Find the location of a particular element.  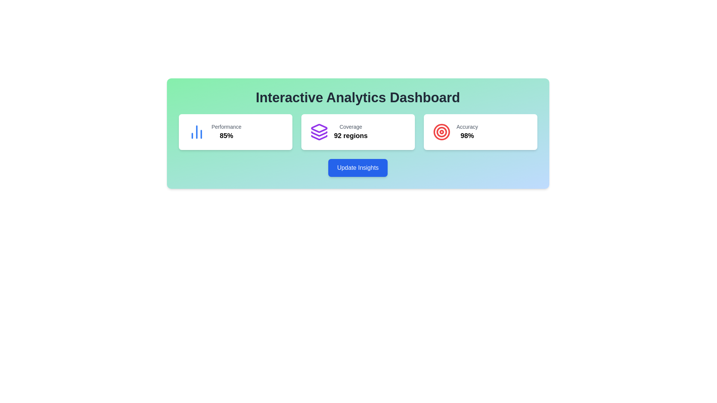

the 'Accuracy' text label located within the 'Accuracy' card, which is the third card in a horizontal row of three cards, positioned above the bold '98%' text is located at coordinates (467, 126).